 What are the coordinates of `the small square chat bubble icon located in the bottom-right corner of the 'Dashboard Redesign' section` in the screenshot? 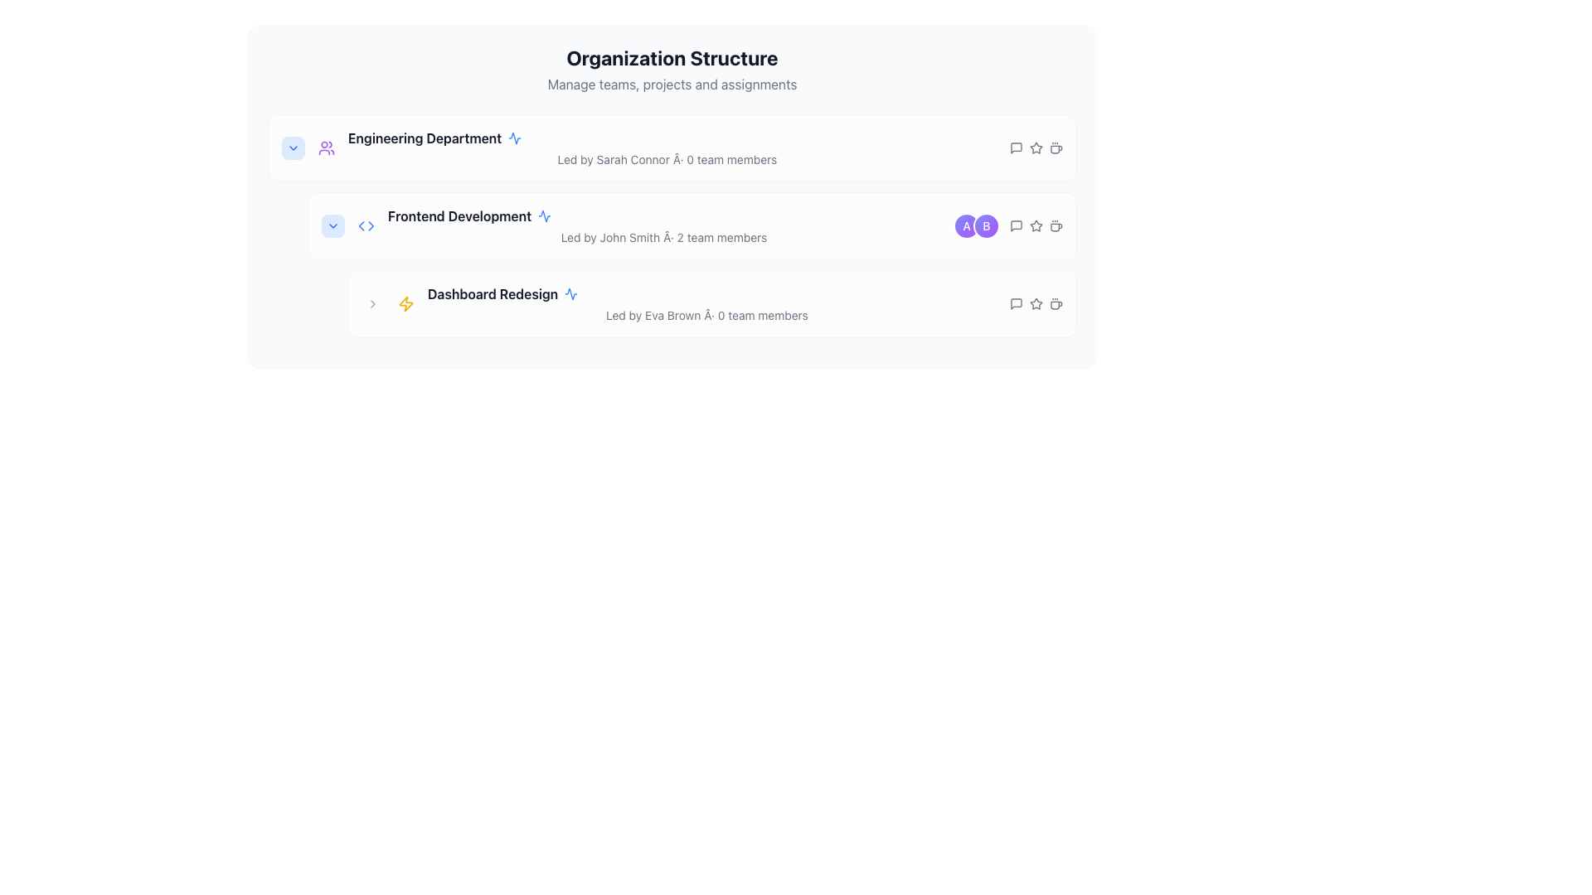 It's located at (1015, 303).